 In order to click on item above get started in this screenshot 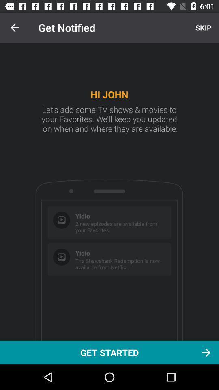, I will do `click(15, 28)`.